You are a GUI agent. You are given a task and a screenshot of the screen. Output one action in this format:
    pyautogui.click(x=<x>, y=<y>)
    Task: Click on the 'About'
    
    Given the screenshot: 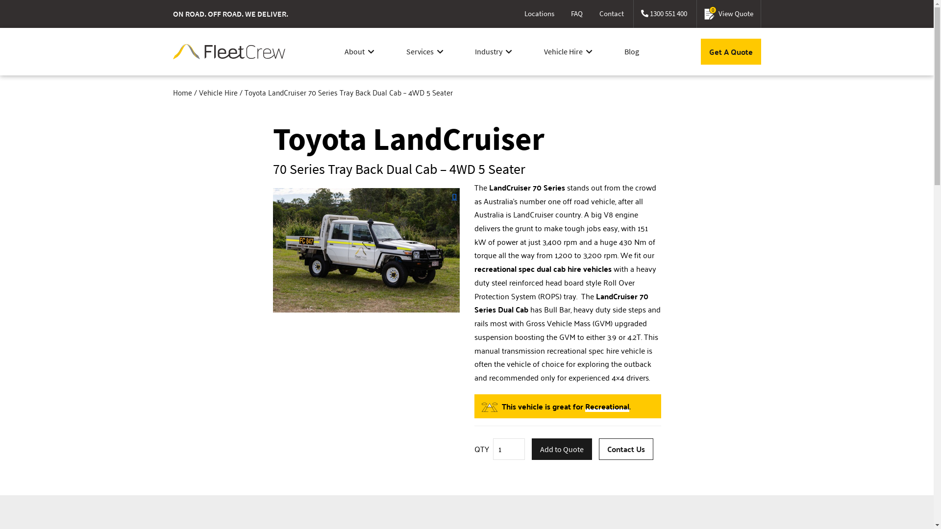 What is the action you would take?
    pyautogui.click(x=359, y=51)
    